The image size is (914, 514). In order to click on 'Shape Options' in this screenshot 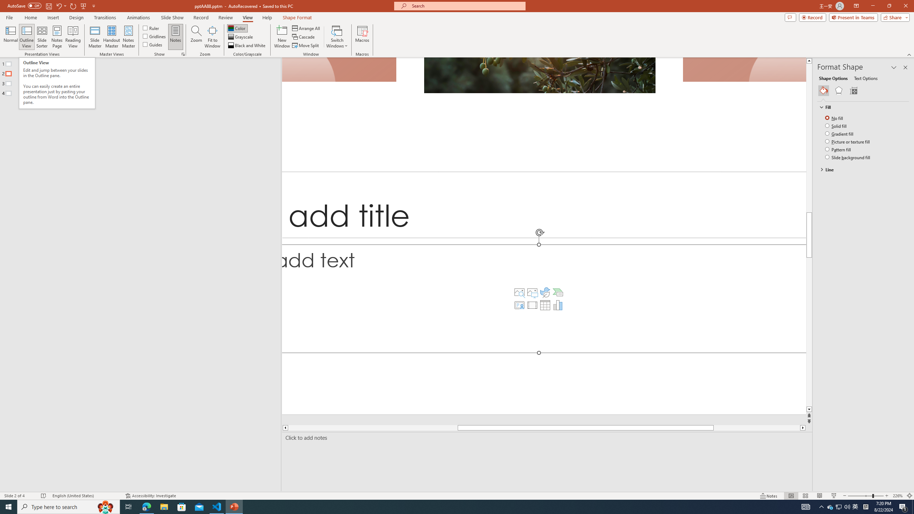, I will do `click(833, 78)`.